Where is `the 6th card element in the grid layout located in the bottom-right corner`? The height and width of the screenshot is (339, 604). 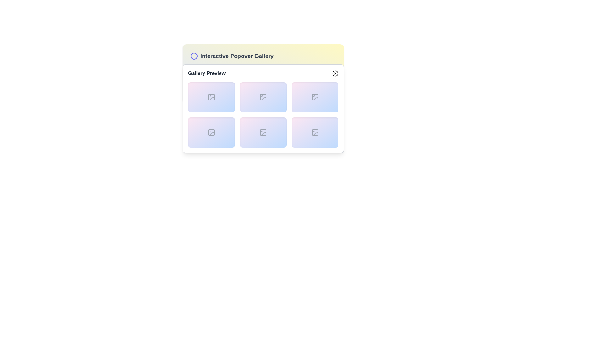 the 6th card element in the grid layout located in the bottom-right corner is located at coordinates (315, 132).